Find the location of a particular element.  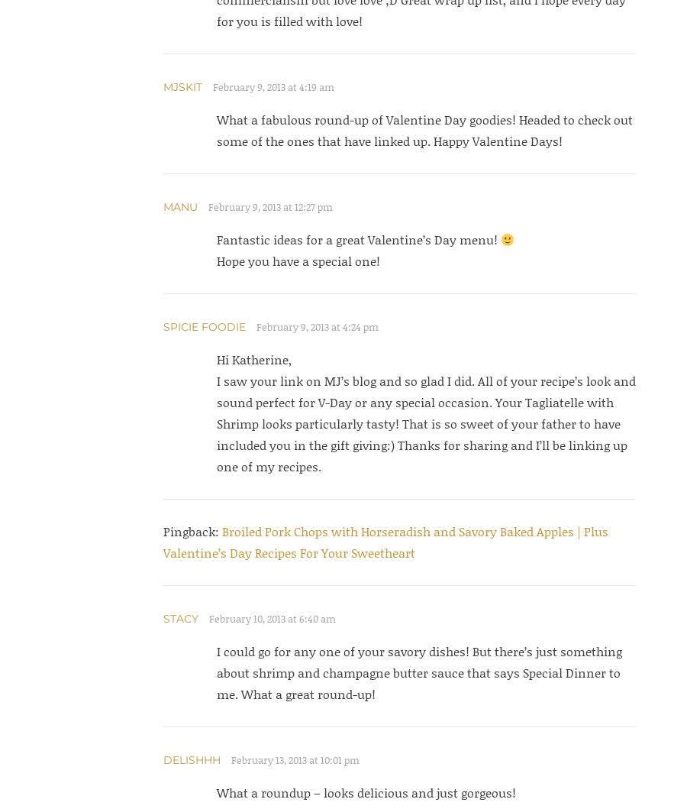

'Fantastic ideas for a great Valentine’s Day menu!' is located at coordinates (356, 239).